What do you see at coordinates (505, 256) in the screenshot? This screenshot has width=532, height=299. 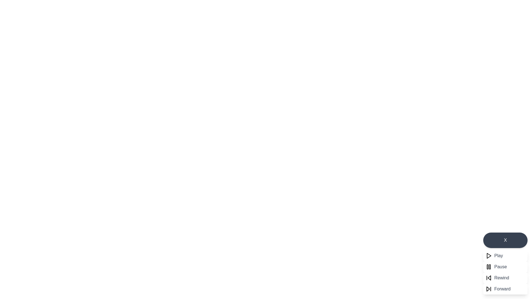 I see `the 'Play' button to select the 'Play' option` at bounding box center [505, 256].